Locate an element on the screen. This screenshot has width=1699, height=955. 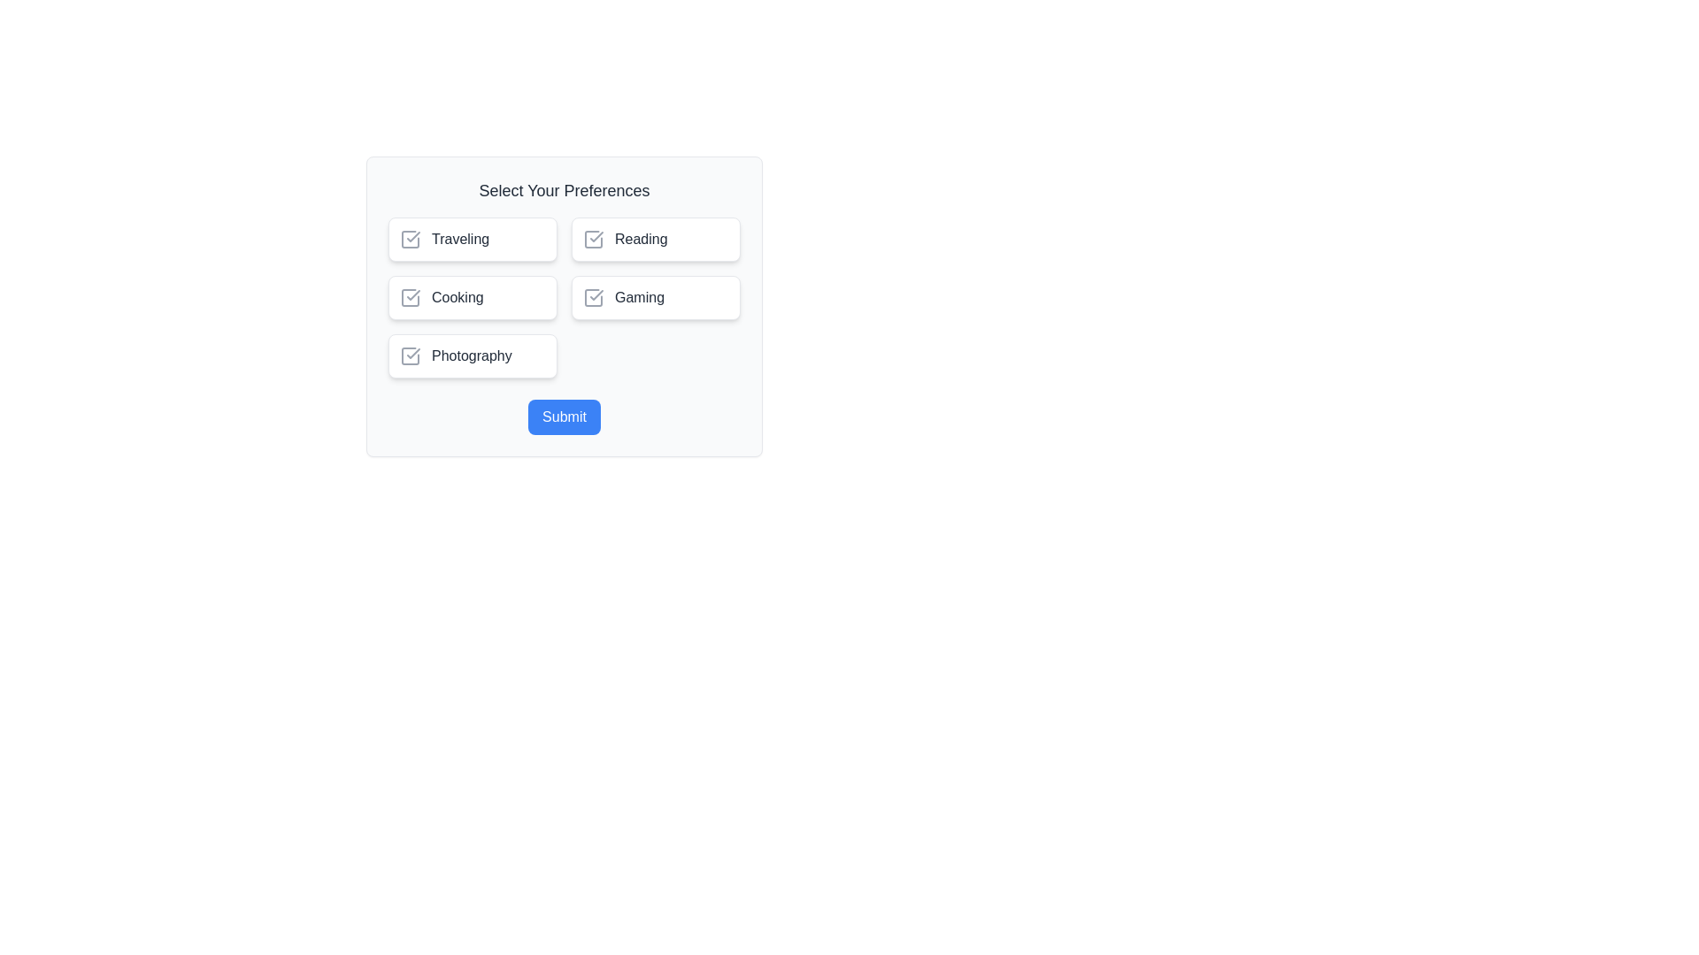
the checkbox for the 'Traveling' preference option is located at coordinates (410, 239).